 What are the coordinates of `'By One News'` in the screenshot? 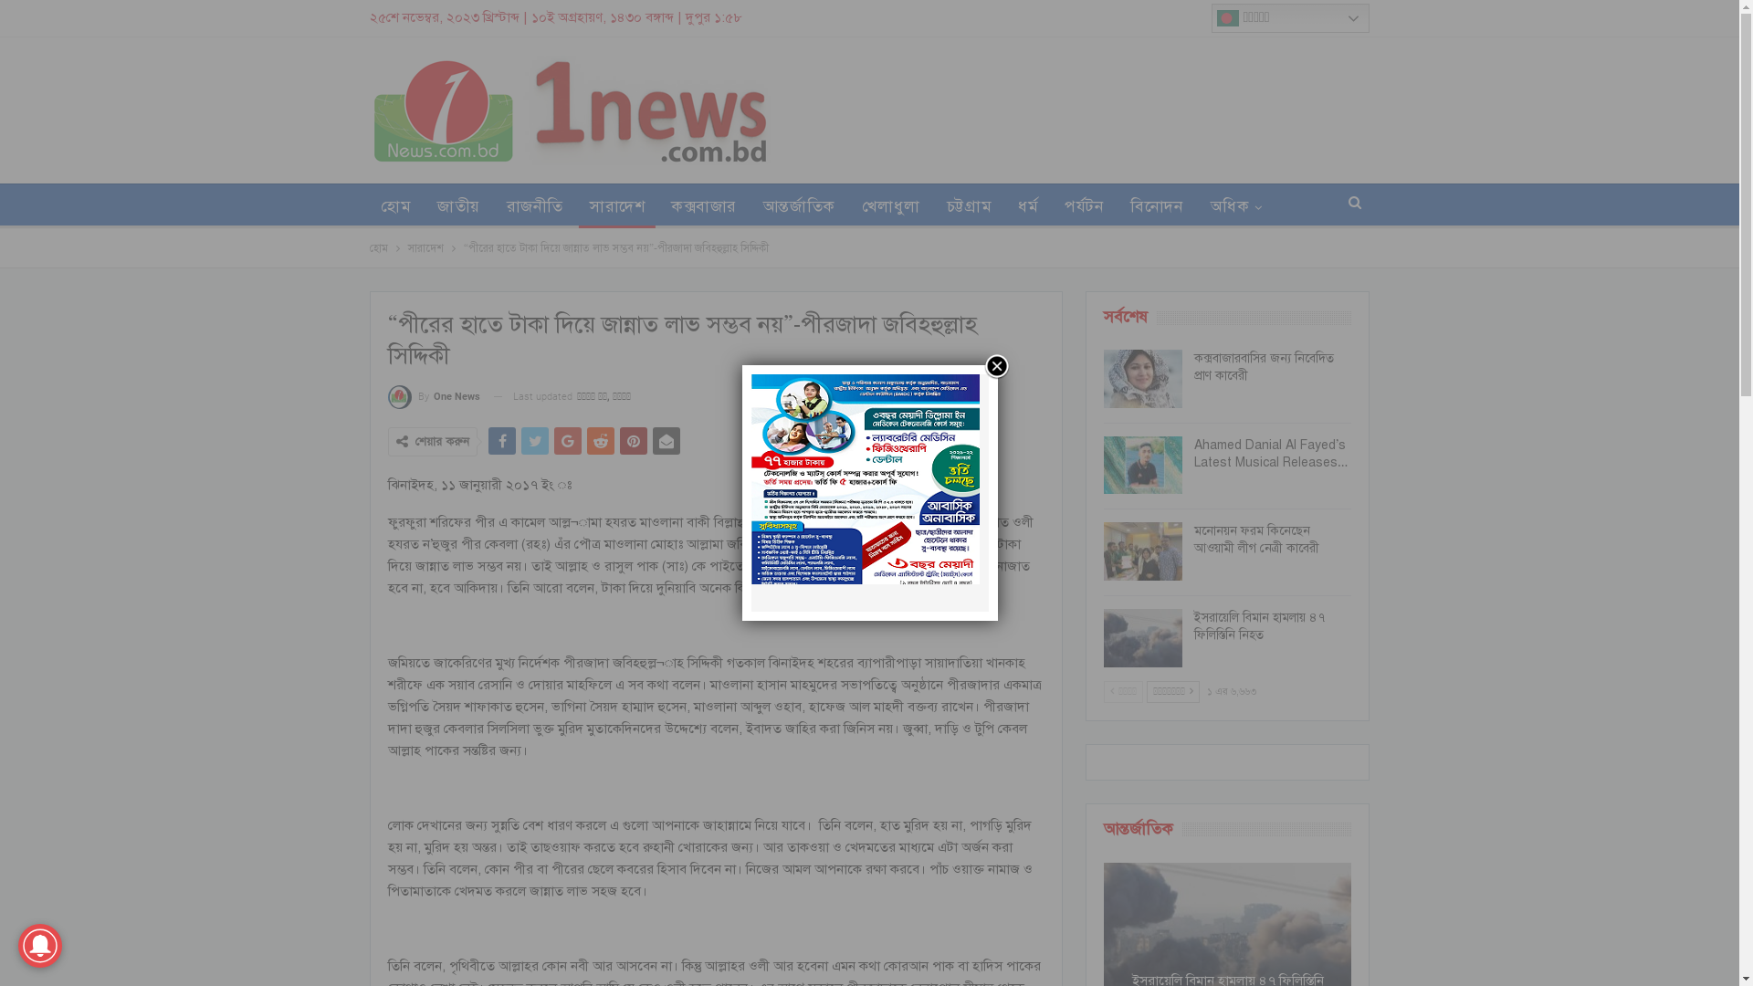 It's located at (433, 396).